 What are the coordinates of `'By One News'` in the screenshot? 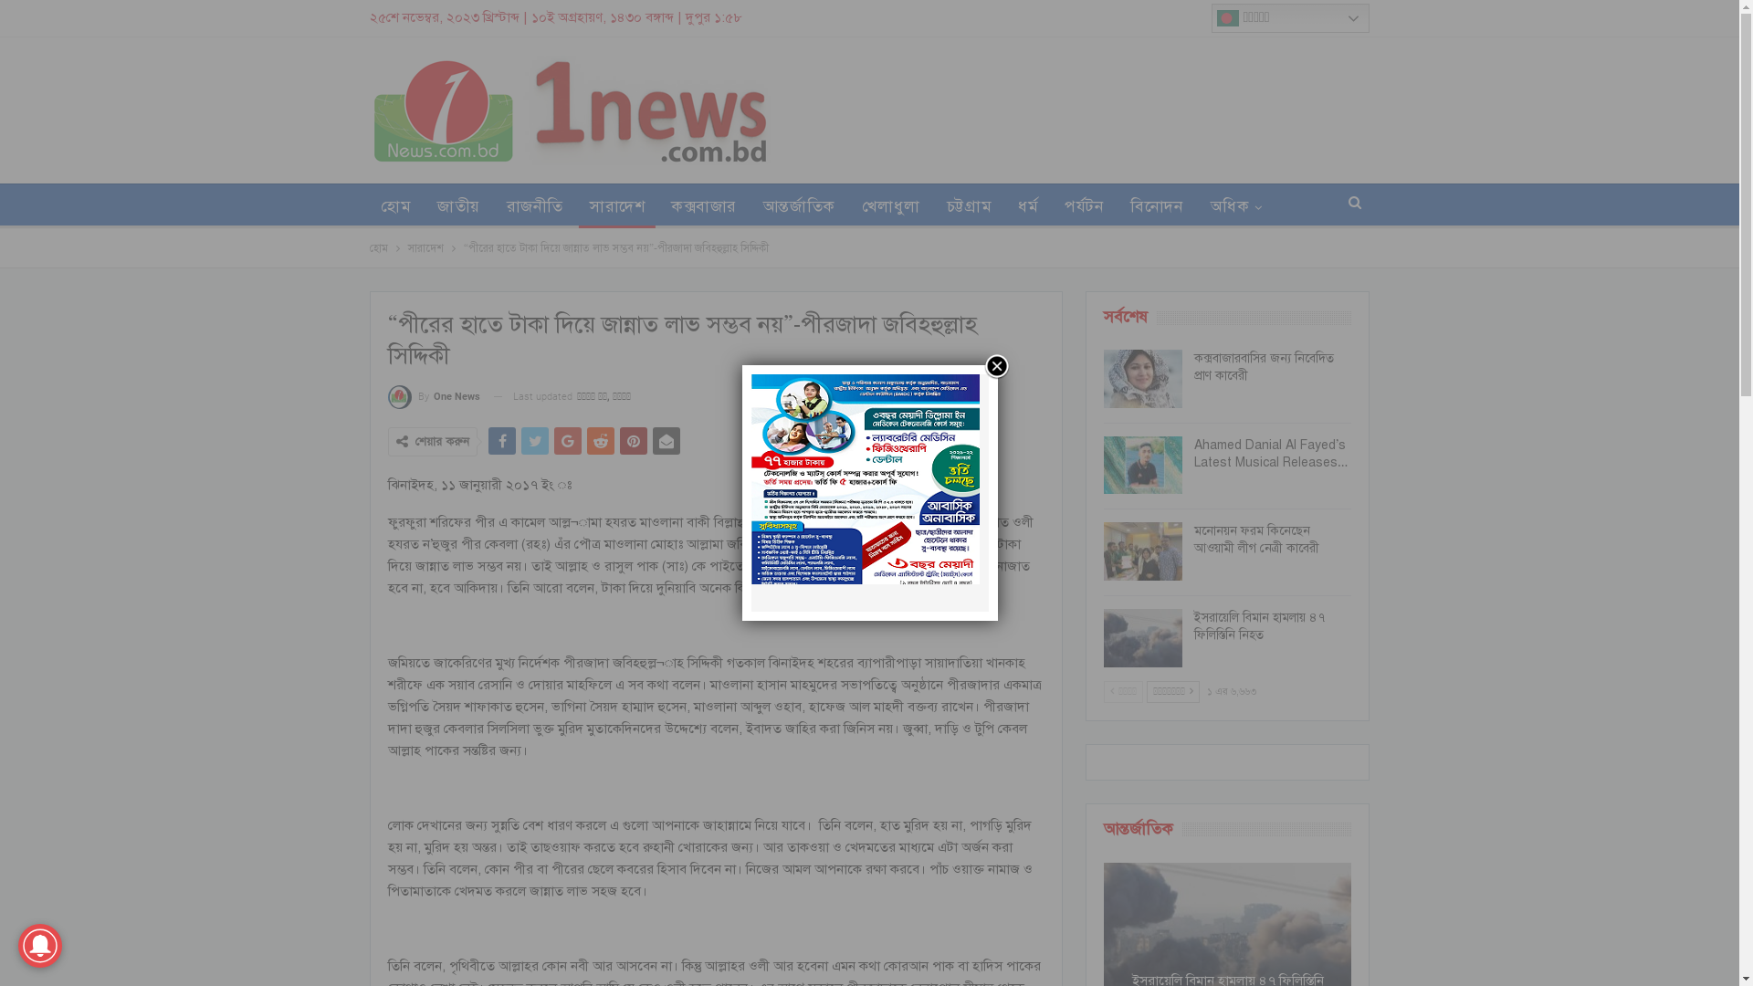 It's located at (433, 396).